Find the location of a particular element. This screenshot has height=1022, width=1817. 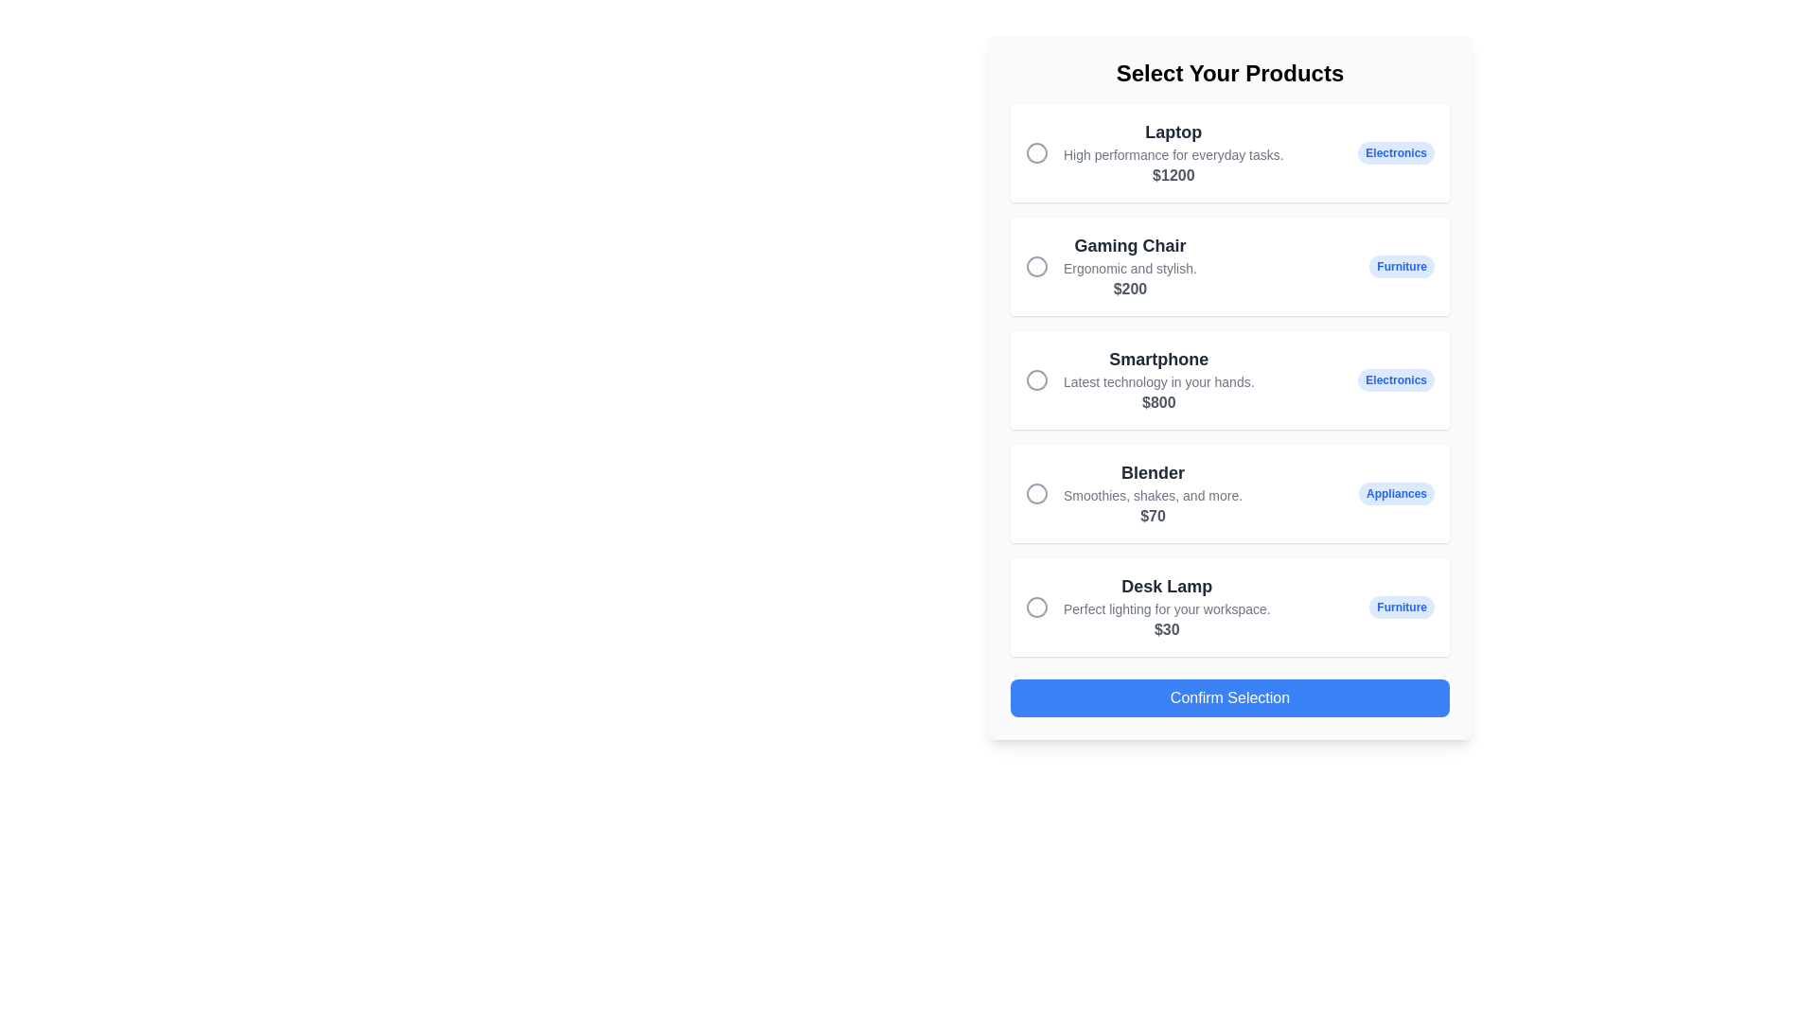

the circular radio button with a thin gray stroke located adjacent to the 'Blender' product label to make a selection is located at coordinates (1035, 492).